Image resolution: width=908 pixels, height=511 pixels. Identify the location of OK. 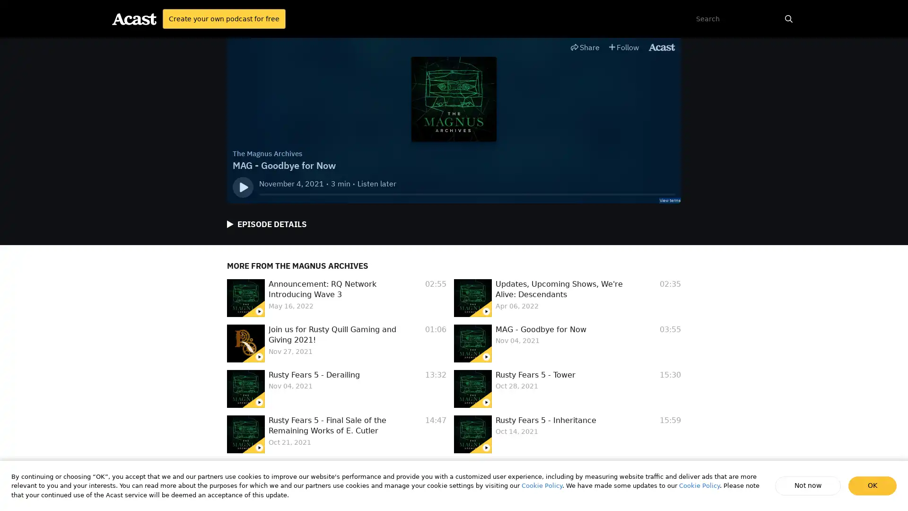
(872, 485).